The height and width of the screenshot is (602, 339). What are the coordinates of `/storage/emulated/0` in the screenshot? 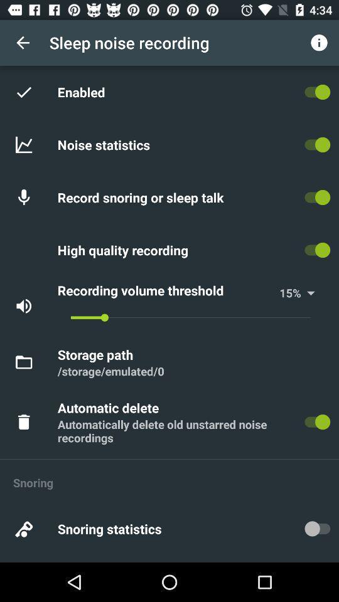 It's located at (110, 371).